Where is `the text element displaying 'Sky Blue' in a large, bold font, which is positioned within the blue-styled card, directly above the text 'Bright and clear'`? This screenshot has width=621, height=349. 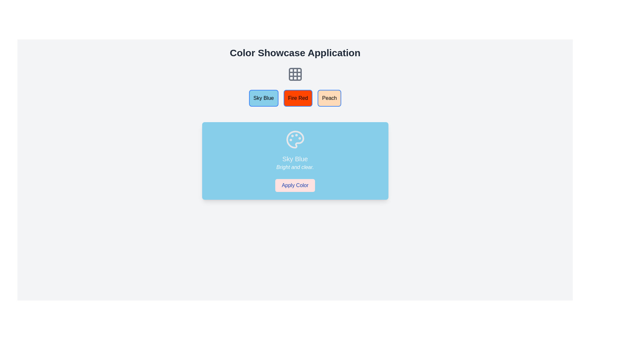
the text element displaying 'Sky Blue' in a large, bold font, which is positioned within the blue-styled card, directly above the text 'Bright and clear' is located at coordinates (295, 159).